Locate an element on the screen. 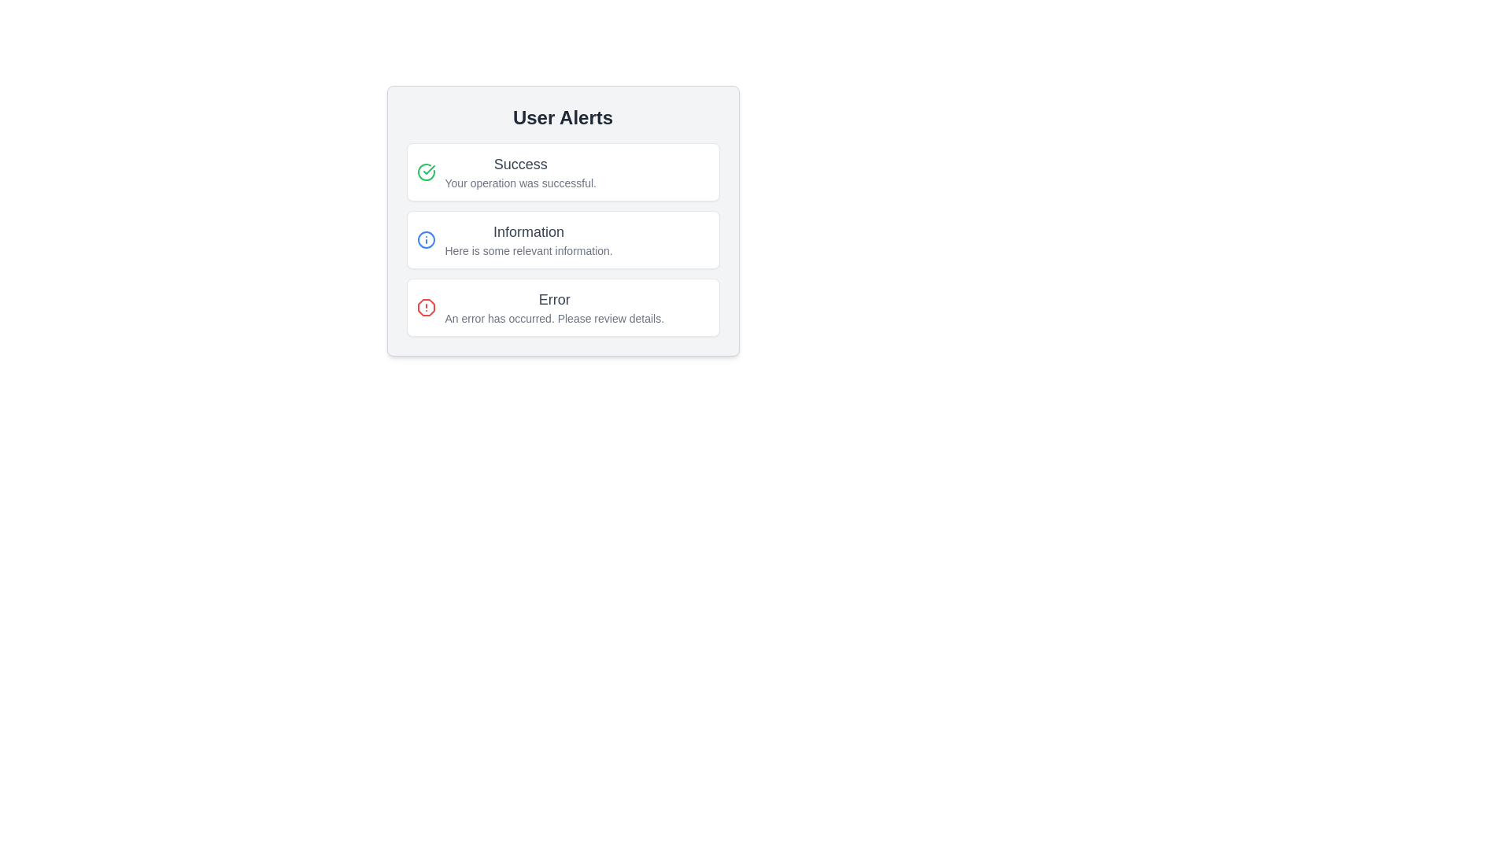  the error icon located in the rightmost column of the 'Error' section, adjacent to the text 'Error' and above the descriptive error message is located at coordinates (426, 307).